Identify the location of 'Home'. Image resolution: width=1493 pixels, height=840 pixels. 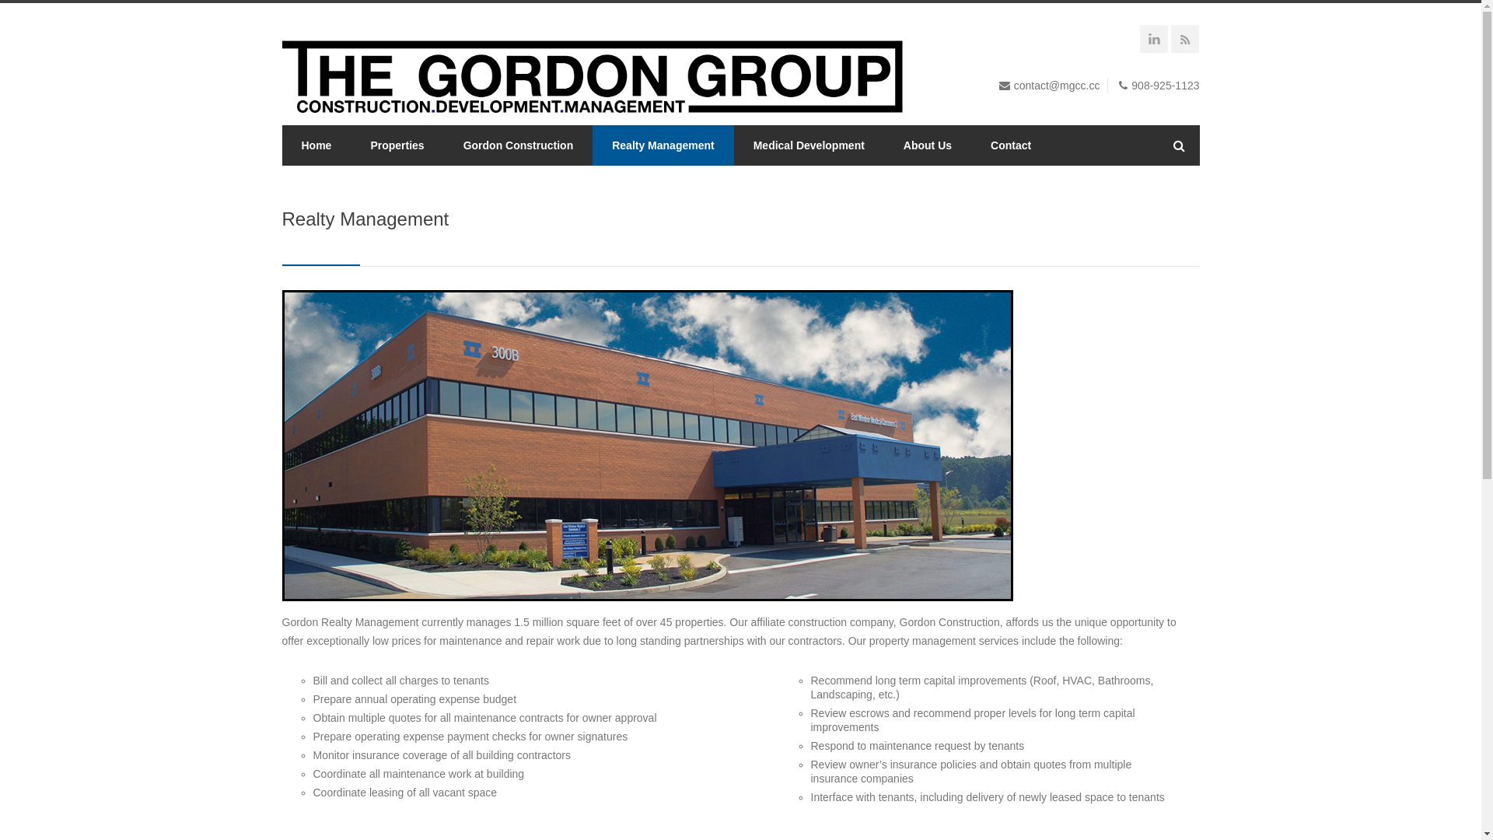
(315, 145).